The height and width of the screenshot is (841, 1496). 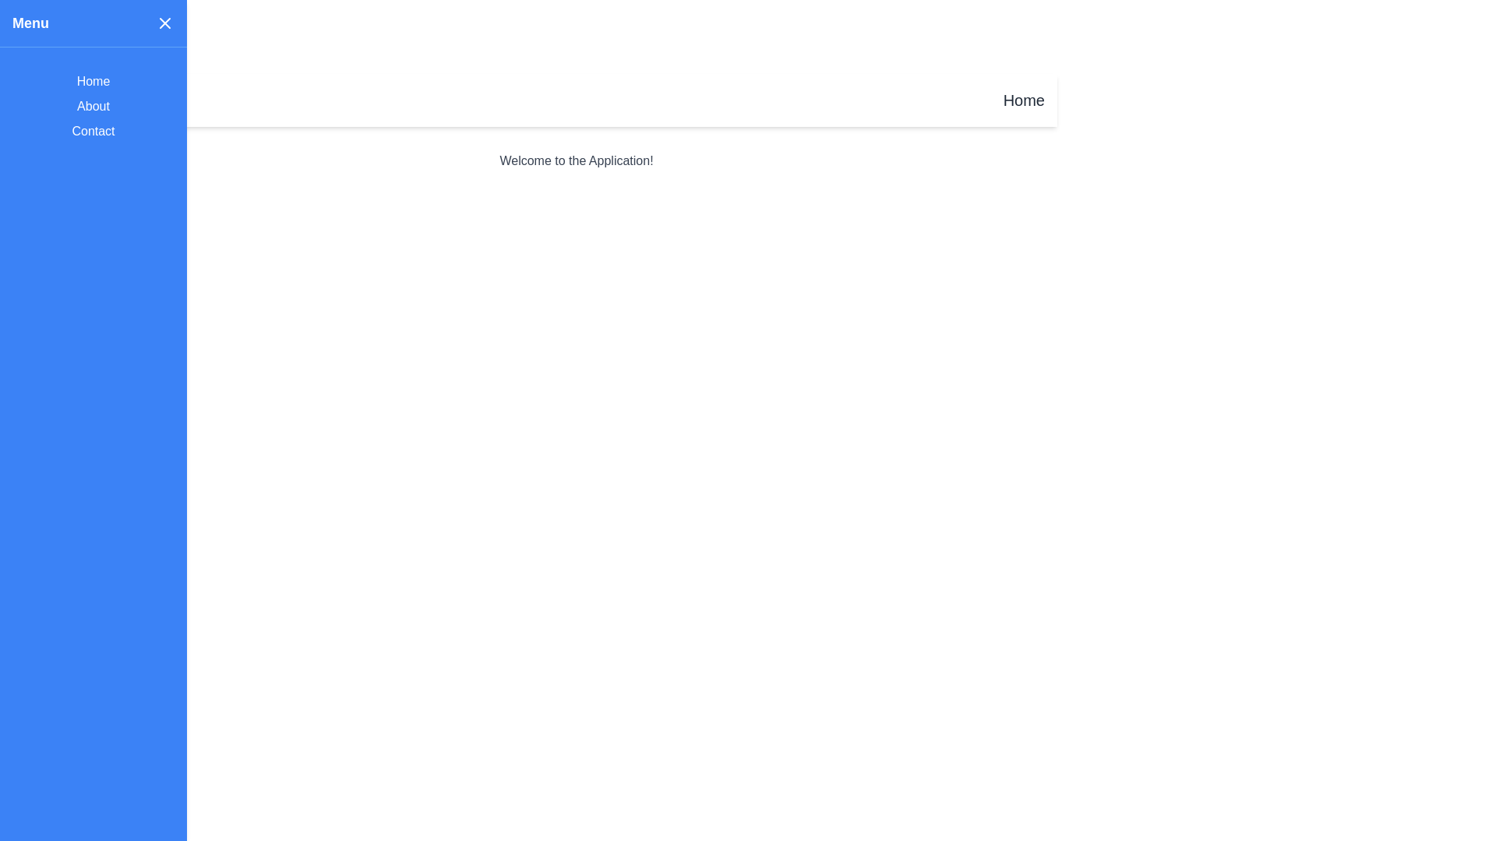 I want to click on the bold 'Menu' text label styled in white on a blue background, located in the upper-left corner of the interface, so click(x=30, y=23).